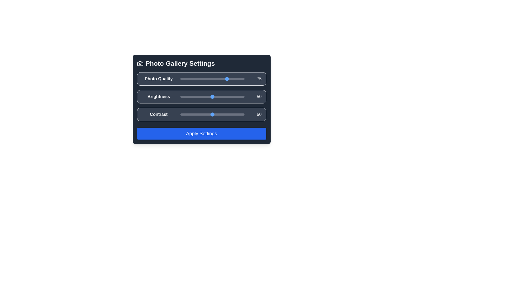 The height and width of the screenshot is (291, 517). Describe the element at coordinates (198, 114) in the screenshot. I see `the contrast level` at that location.